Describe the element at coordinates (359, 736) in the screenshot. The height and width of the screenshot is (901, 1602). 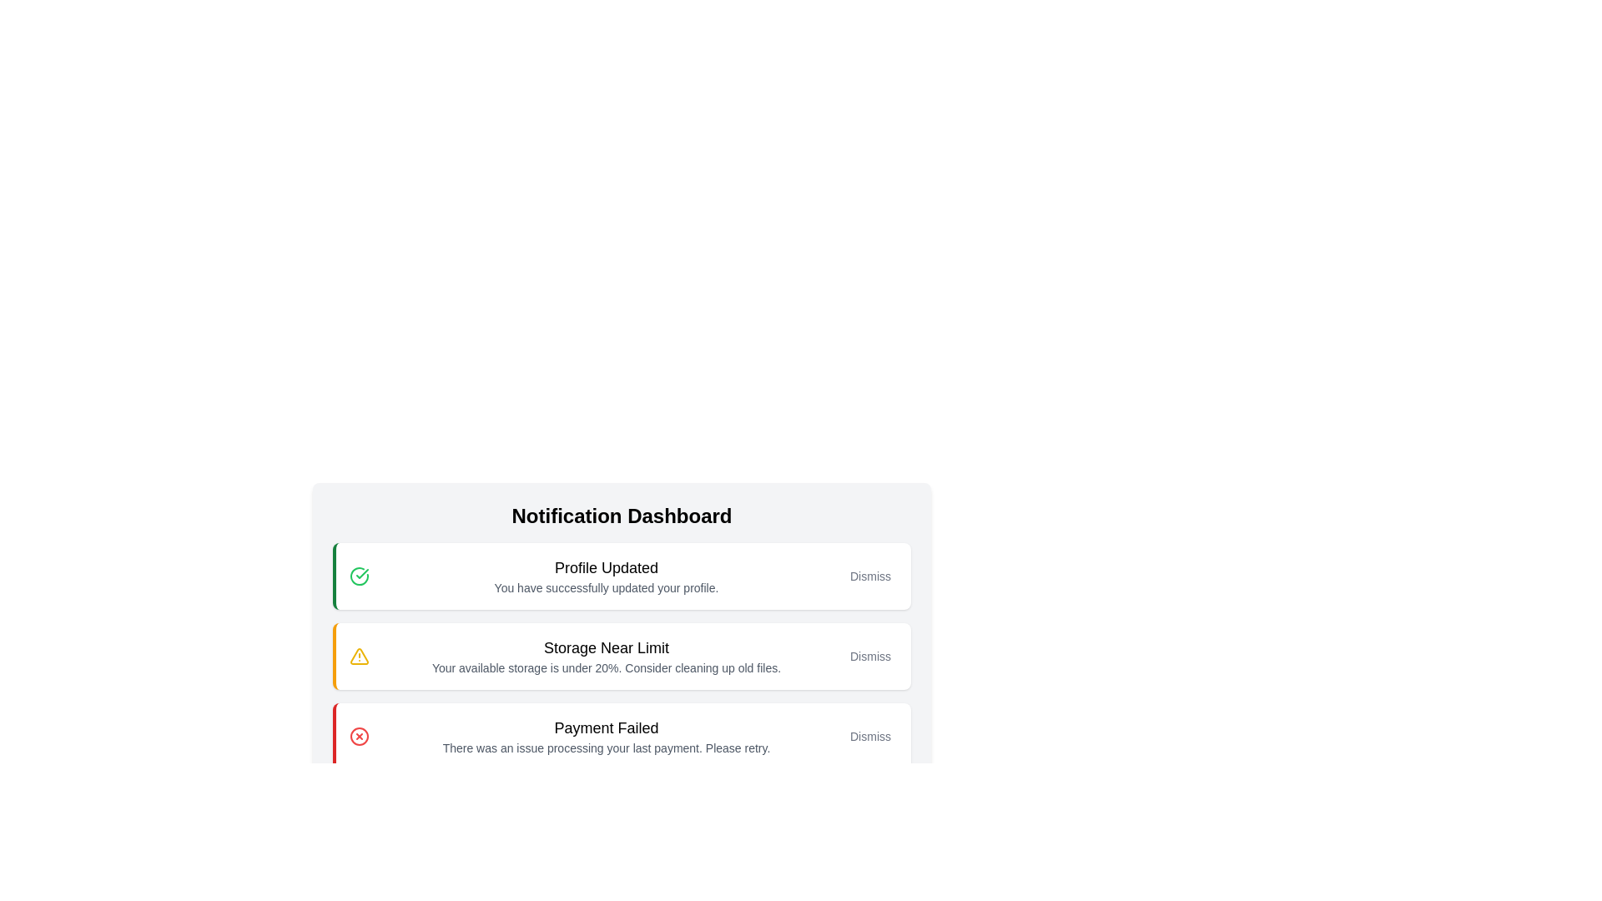
I see `the circular decorative element with a red border and white fill, which is part of the error message icon adjacent to the 'Payment Failed' notification in the Notification Dashboard` at that location.